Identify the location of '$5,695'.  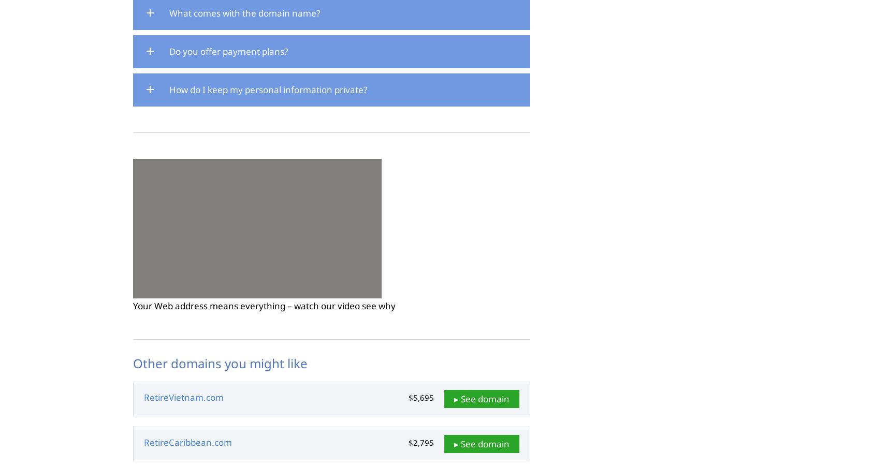
(421, 397).